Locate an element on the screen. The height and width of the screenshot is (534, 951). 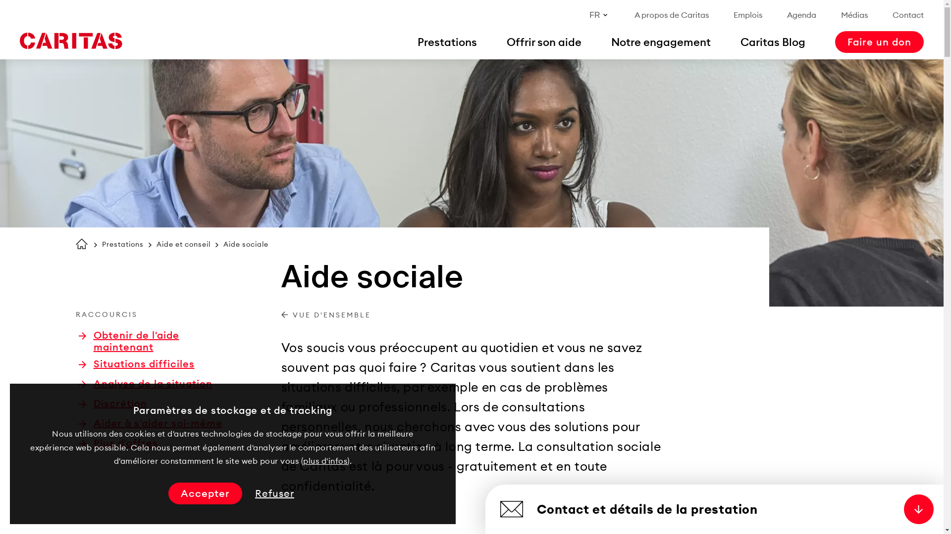
'Agenda' is located at coordinates (801, 15).